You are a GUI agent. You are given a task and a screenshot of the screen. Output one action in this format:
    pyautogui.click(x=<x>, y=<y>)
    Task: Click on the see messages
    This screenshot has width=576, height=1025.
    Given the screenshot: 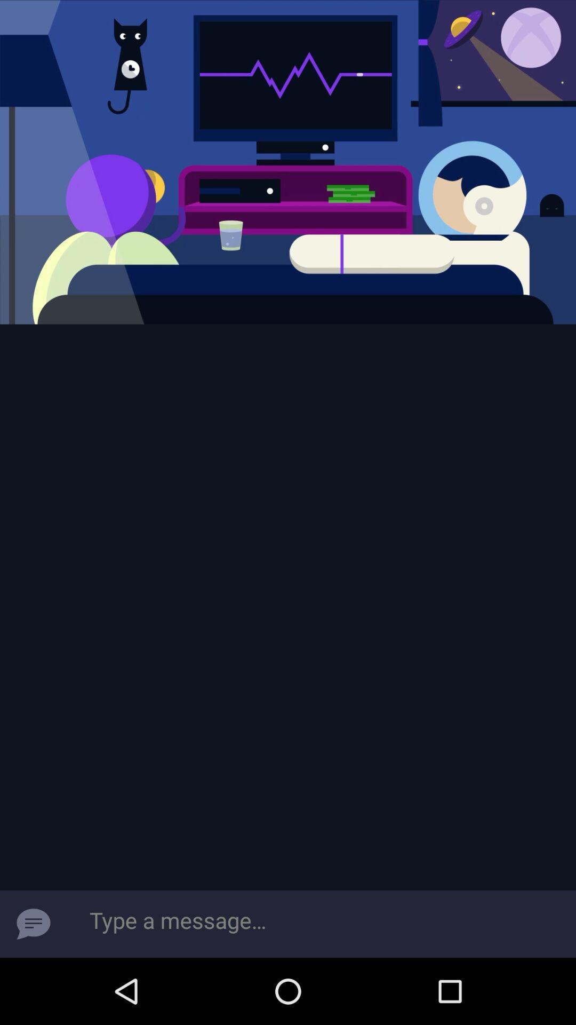 What is the action you would take?
    pyautogui.click(x=33, y=924)
    